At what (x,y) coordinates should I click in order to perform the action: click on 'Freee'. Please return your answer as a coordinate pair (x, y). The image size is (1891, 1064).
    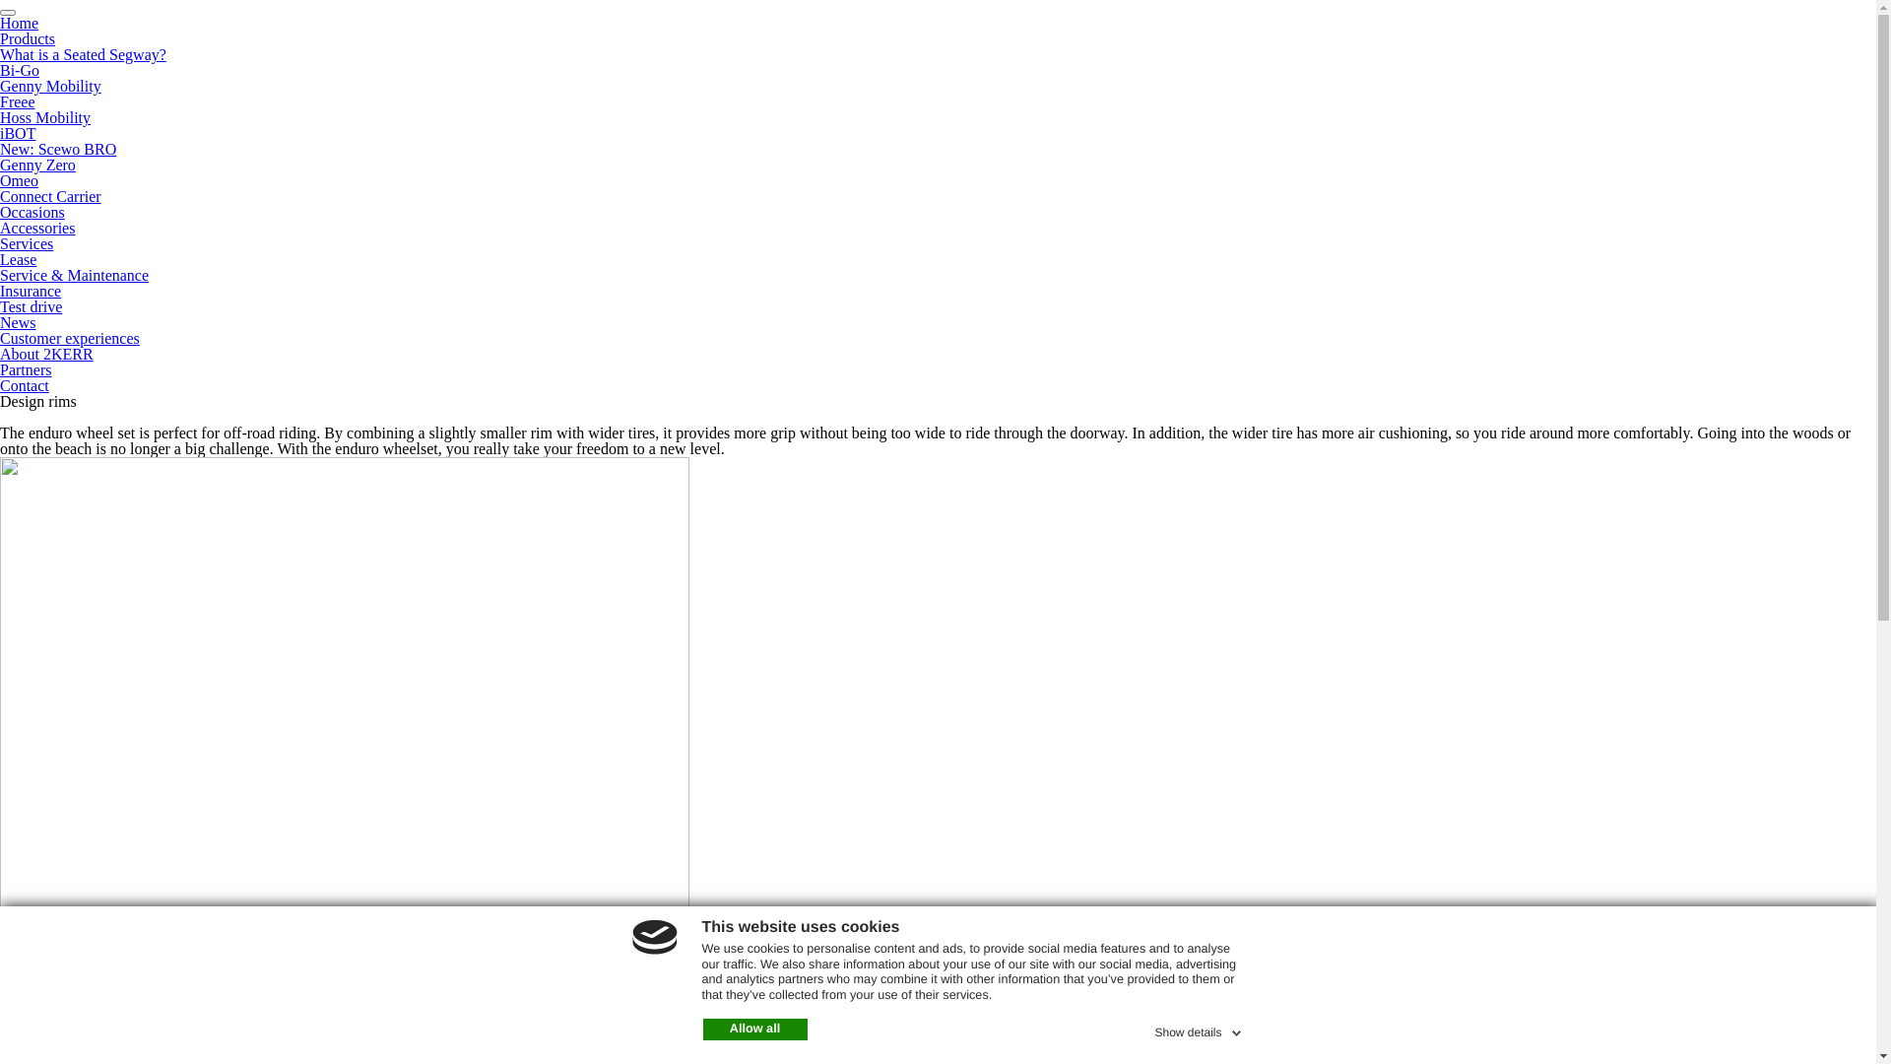
    Looking at the image, I should click on (18, 101).